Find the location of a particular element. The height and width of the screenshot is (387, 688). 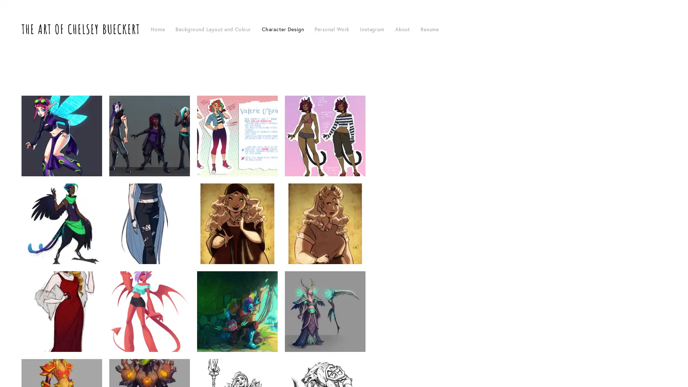

View fullsize Chelsey_characterlineup.png is located at coordinates (149, 136).